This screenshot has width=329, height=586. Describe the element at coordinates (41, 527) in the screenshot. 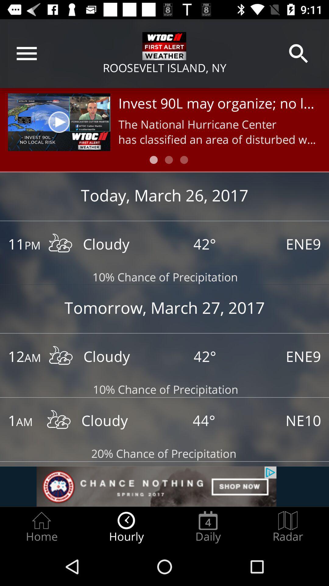

I see `home item` at that location.